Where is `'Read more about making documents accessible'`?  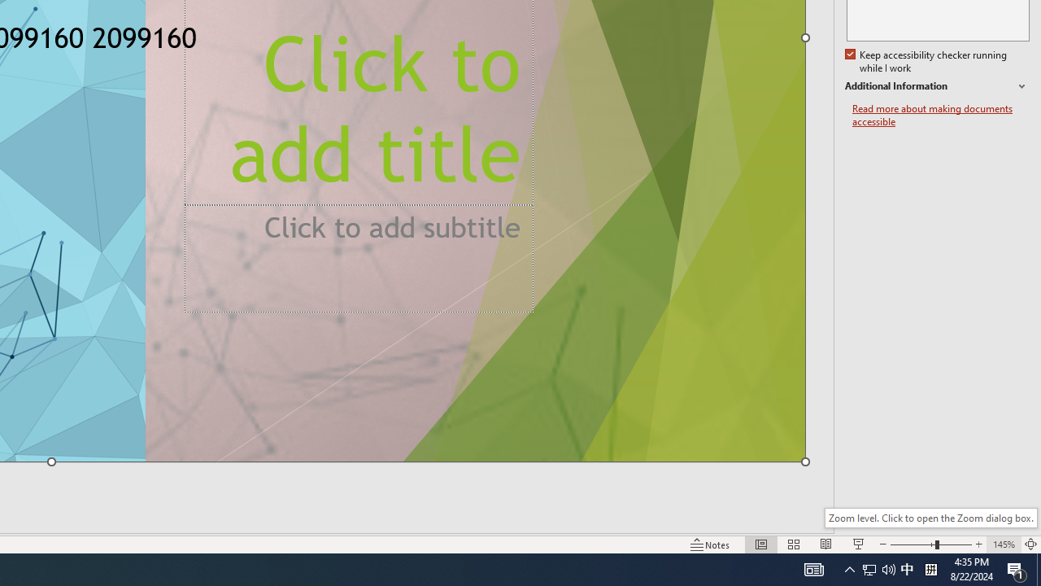
'Read more about making documents accessible' is located at coordinates (941, 115).